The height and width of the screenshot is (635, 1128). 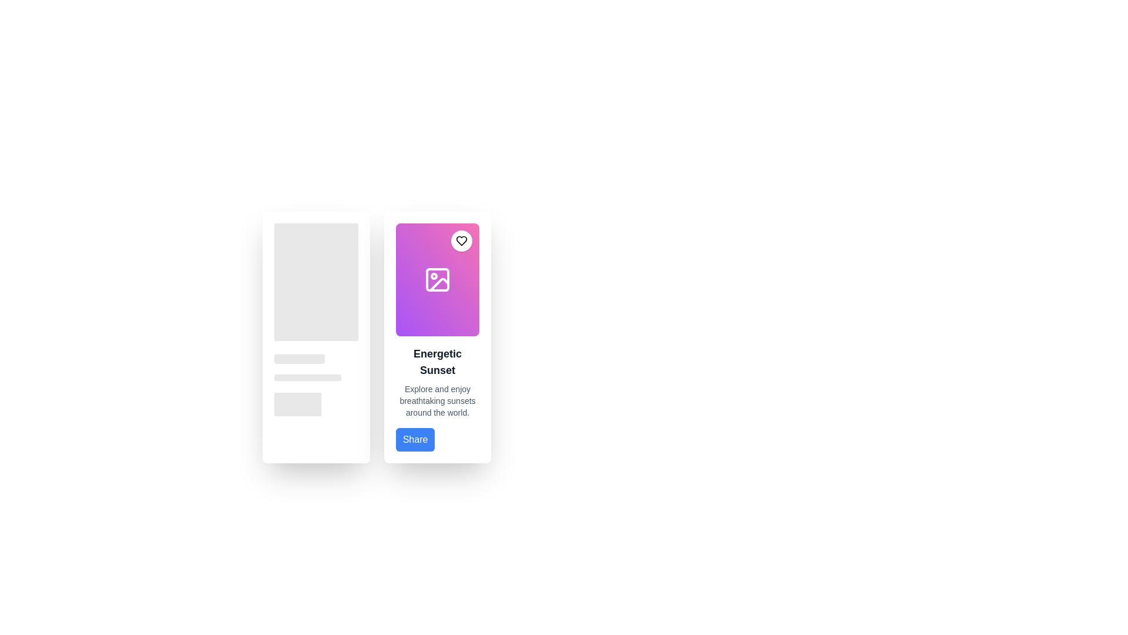 What do you see at coordinates (437, 337) in the screenshot?
I see `the 'Share' button on the informational card that presents a title, description, and an interactive action button, located centrally in the grid layout of cards` at bounding box center [437, 337].